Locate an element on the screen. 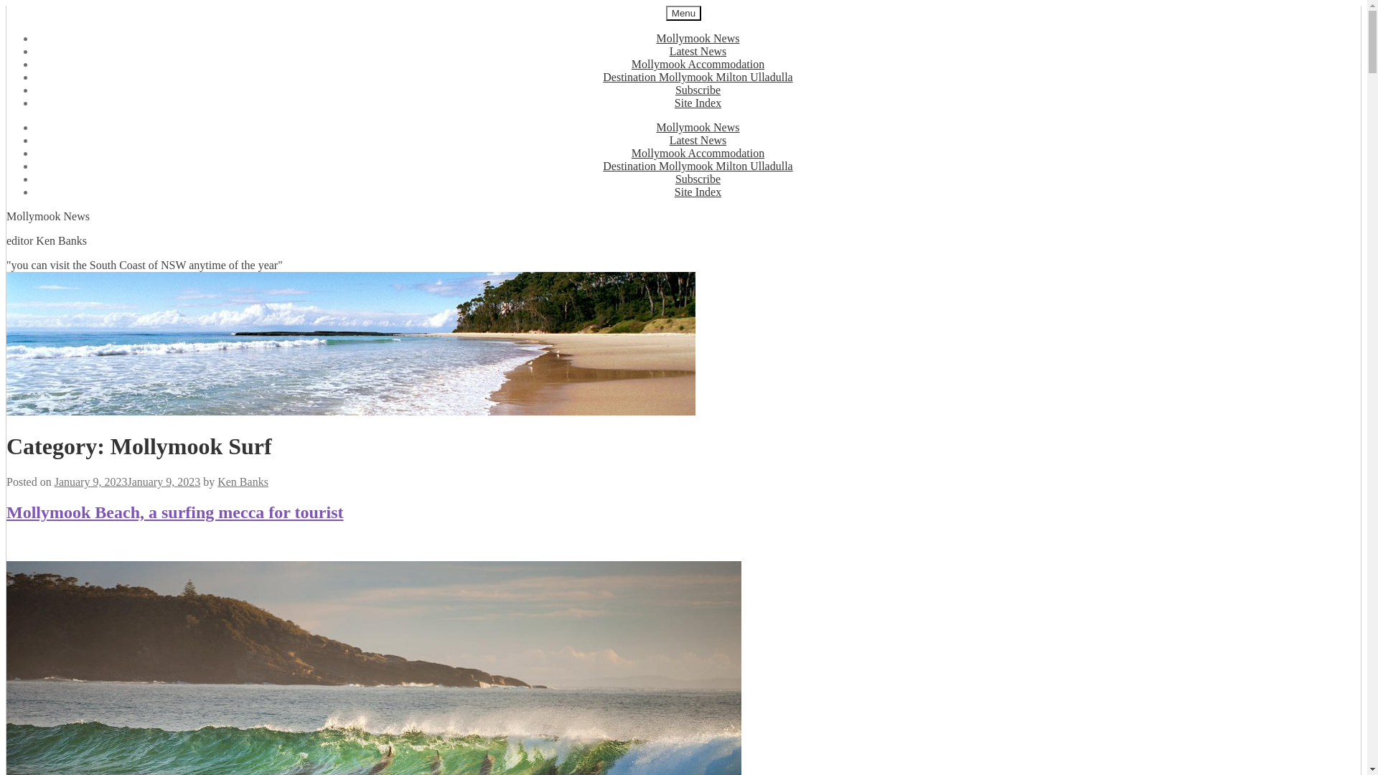 Image resolution: width=1378 pixels, height=775 pixels. 'Latest News' is located at coordinates (698, 50).